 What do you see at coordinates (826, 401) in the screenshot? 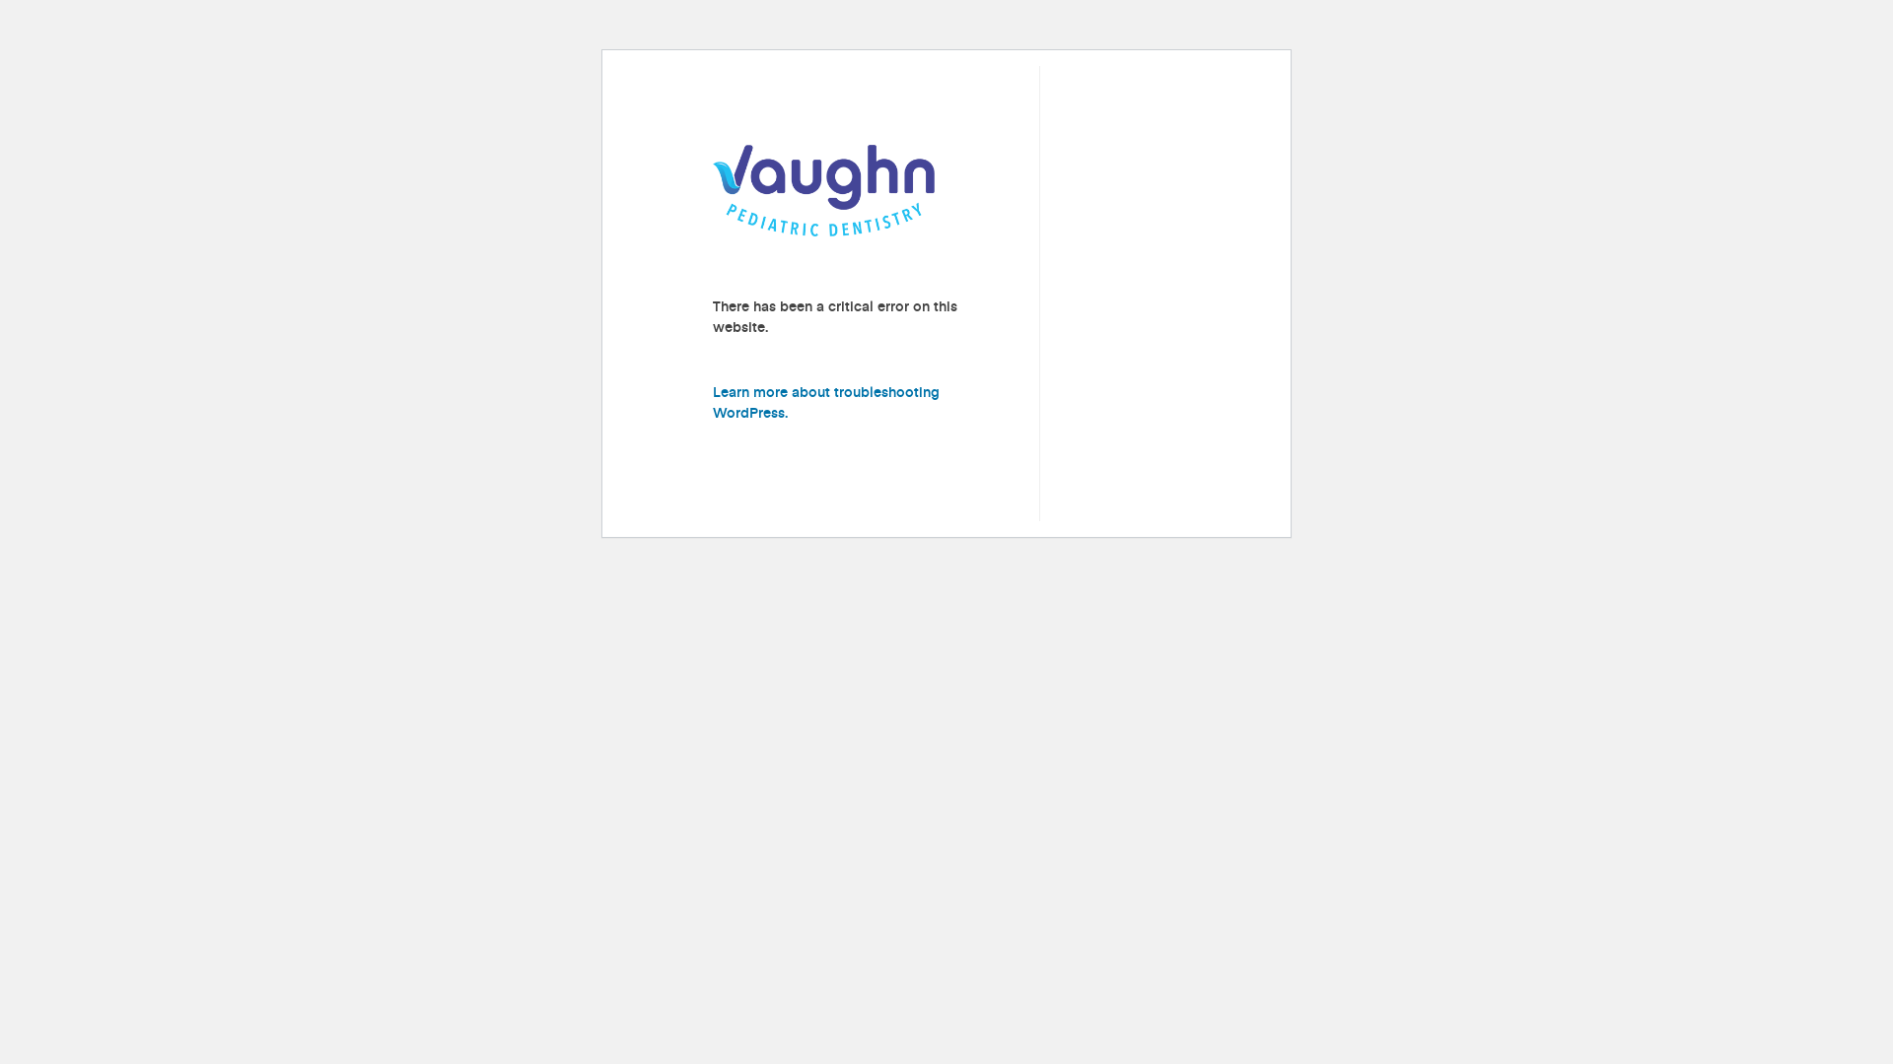
I see `'Learn more about troubleshooting WordPress.'` at bounding box center [826, 401].